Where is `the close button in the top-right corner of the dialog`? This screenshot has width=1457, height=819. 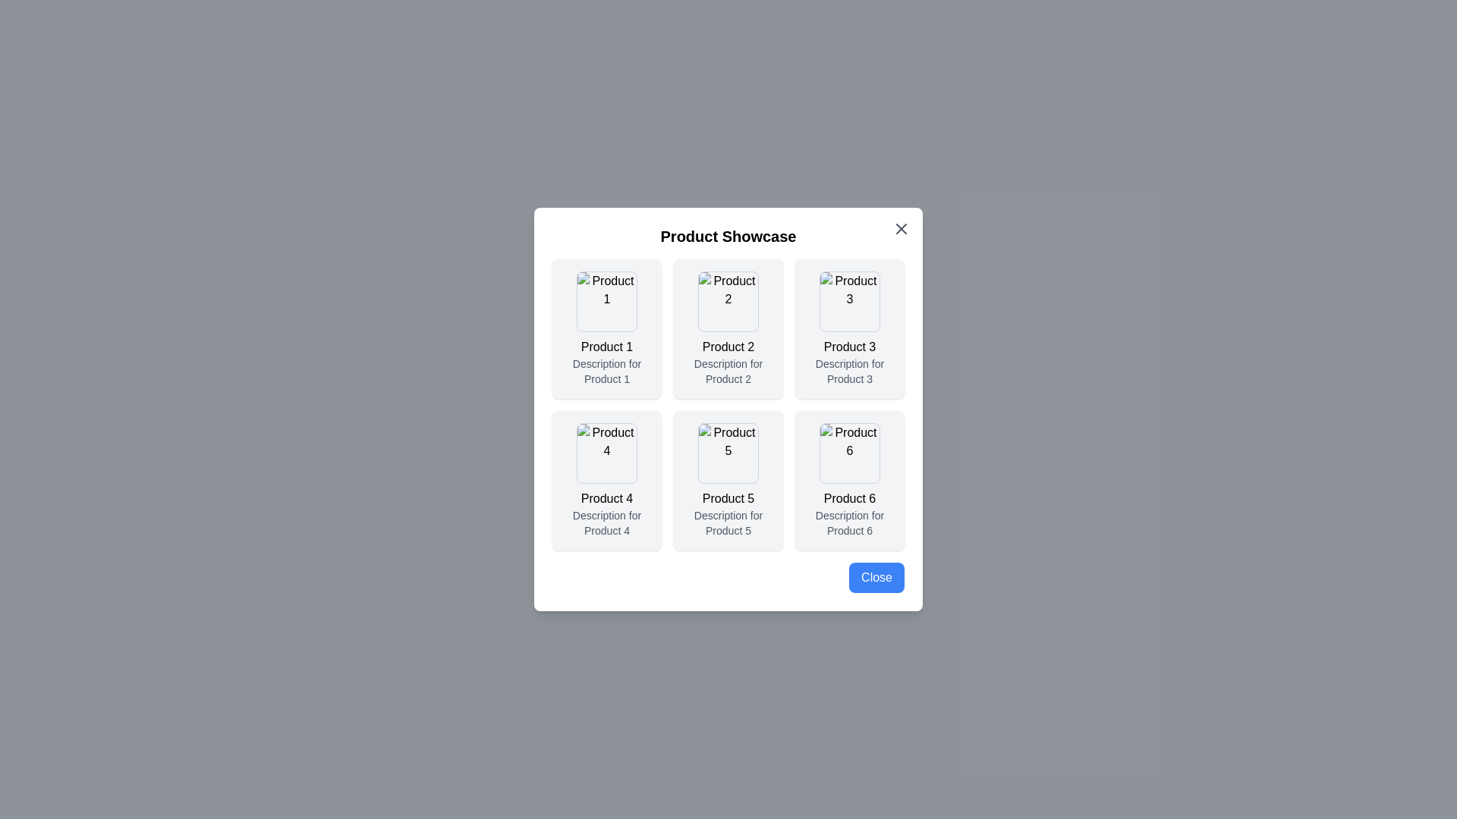
the close button in the top-right corner of the dialog is located at coordinates (902, 228).